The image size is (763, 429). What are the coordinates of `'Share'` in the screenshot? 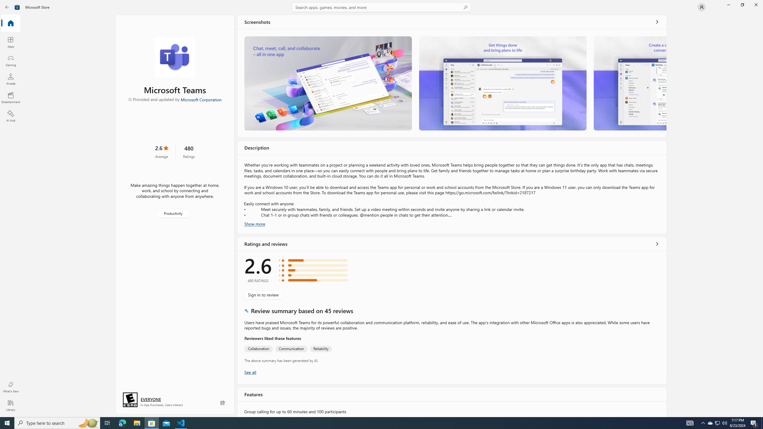 It's located at (222, 402).